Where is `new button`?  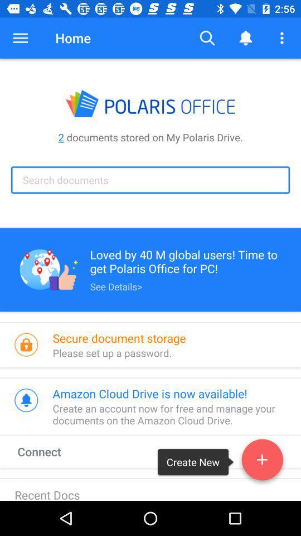
new button is located at coordinates (262, 462).